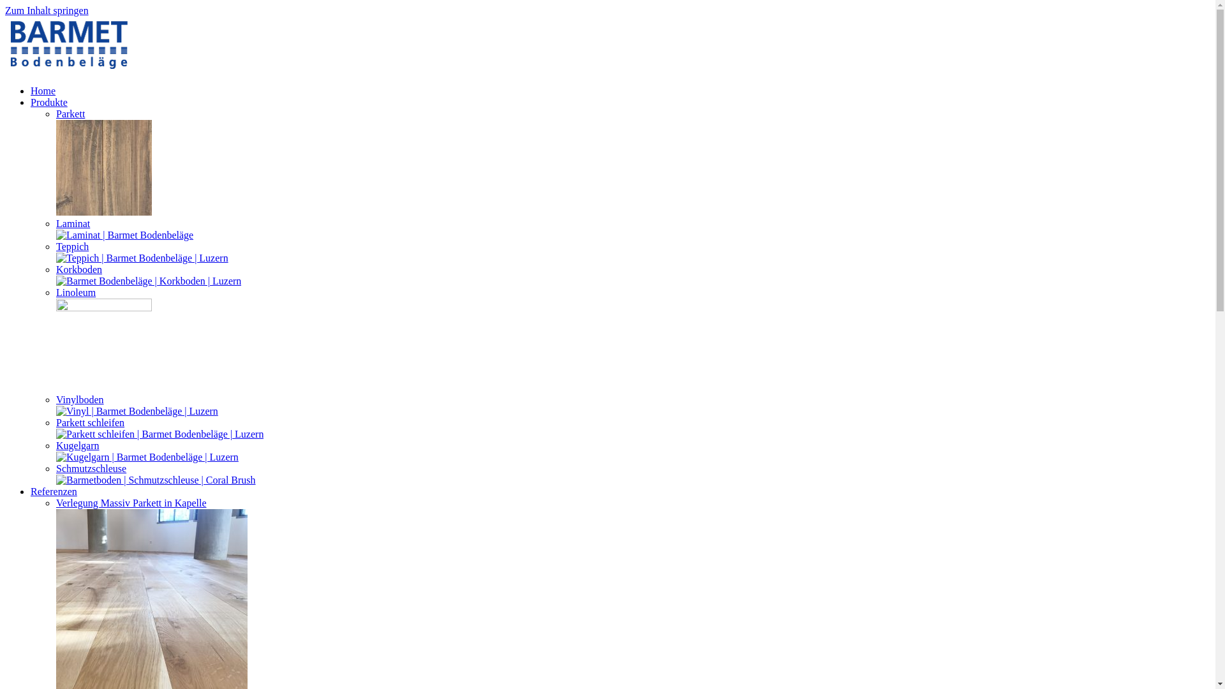 This screenshot has width=1225, height=689. Describe the element at coordinates (47, 10) in the screenshot. I see `'Zum Inhalt springen'` at that location.